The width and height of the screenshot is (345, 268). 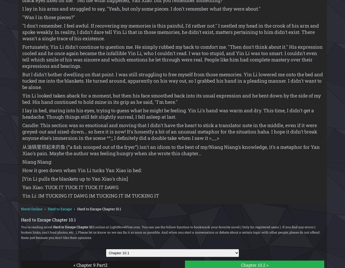 I want to click on '从油锅里捞起来的鱼 (“a fish scooped out of the fryer”) isn't an idiom to the best of my/Niang Niang's knowledge, it's a metaphor for Yan Xiao's pain. Maybe the author was feeling hungry when she wrote this chapter…', so click(x=22, y=150).